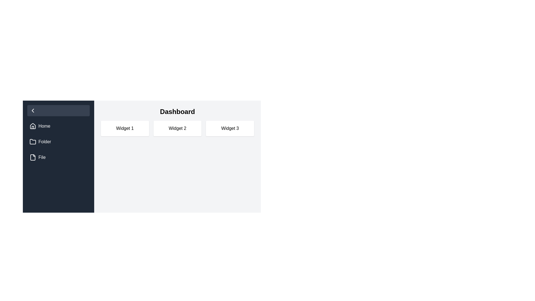 The height and width of the screenshot is (301, 535). Describe the element at coordinates (33, 141) in the screenshot. I see `the folder icon, which is a white or light outlined graphical depiction of a folder located in the sidebar, specifically the second item in a vertical navigation menu` at that location.